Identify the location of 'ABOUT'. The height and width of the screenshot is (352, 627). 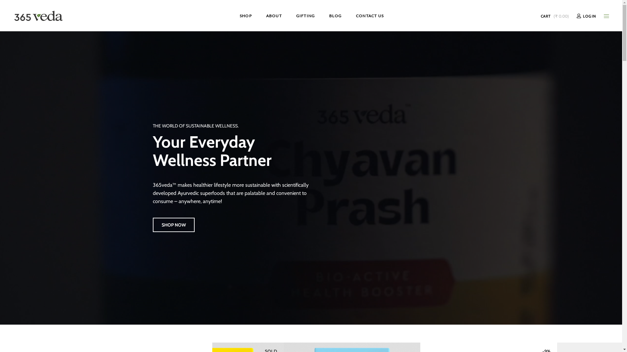
(258, 15).